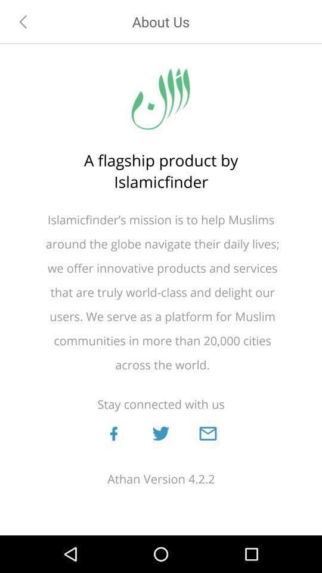  Describe the element at coordinates (113, 433) in the screenshot. I see `open facebook` at that location.